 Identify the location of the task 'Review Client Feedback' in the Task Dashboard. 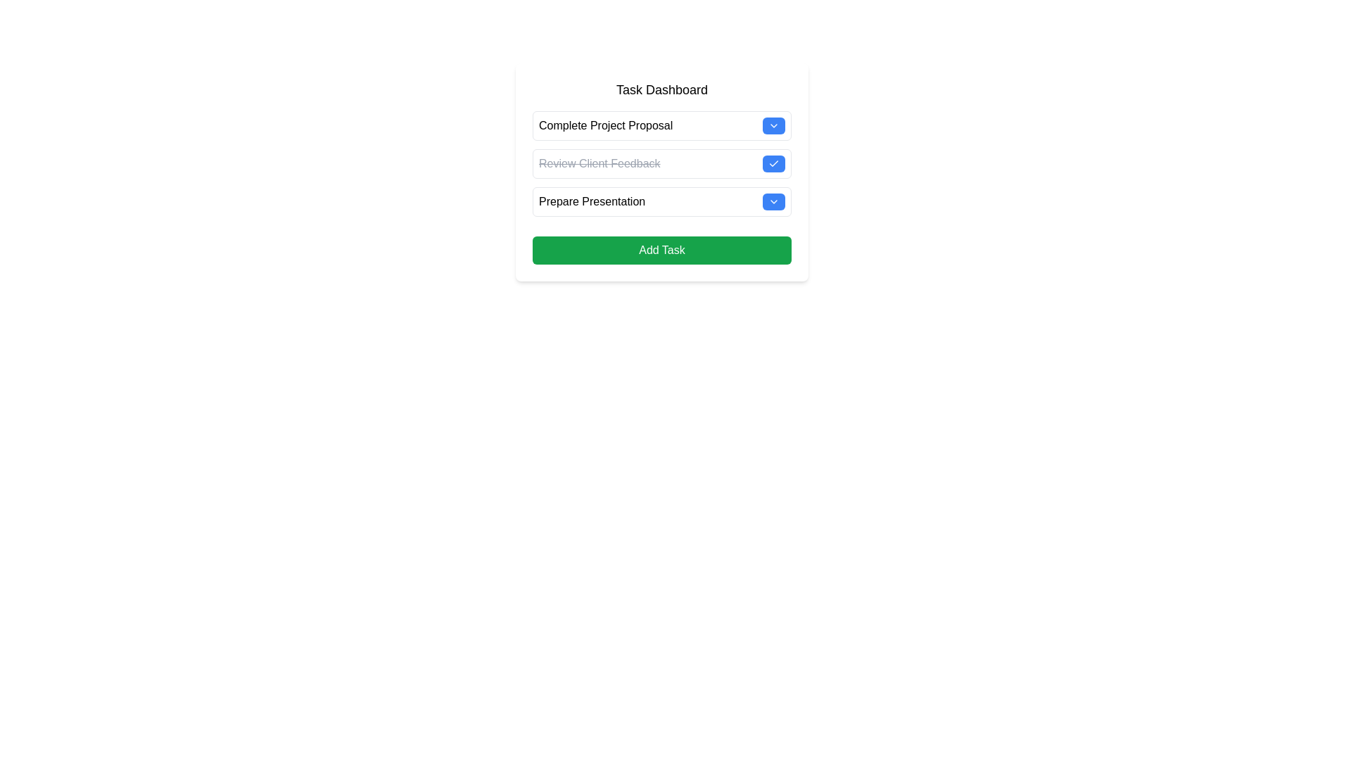
(661, 163).